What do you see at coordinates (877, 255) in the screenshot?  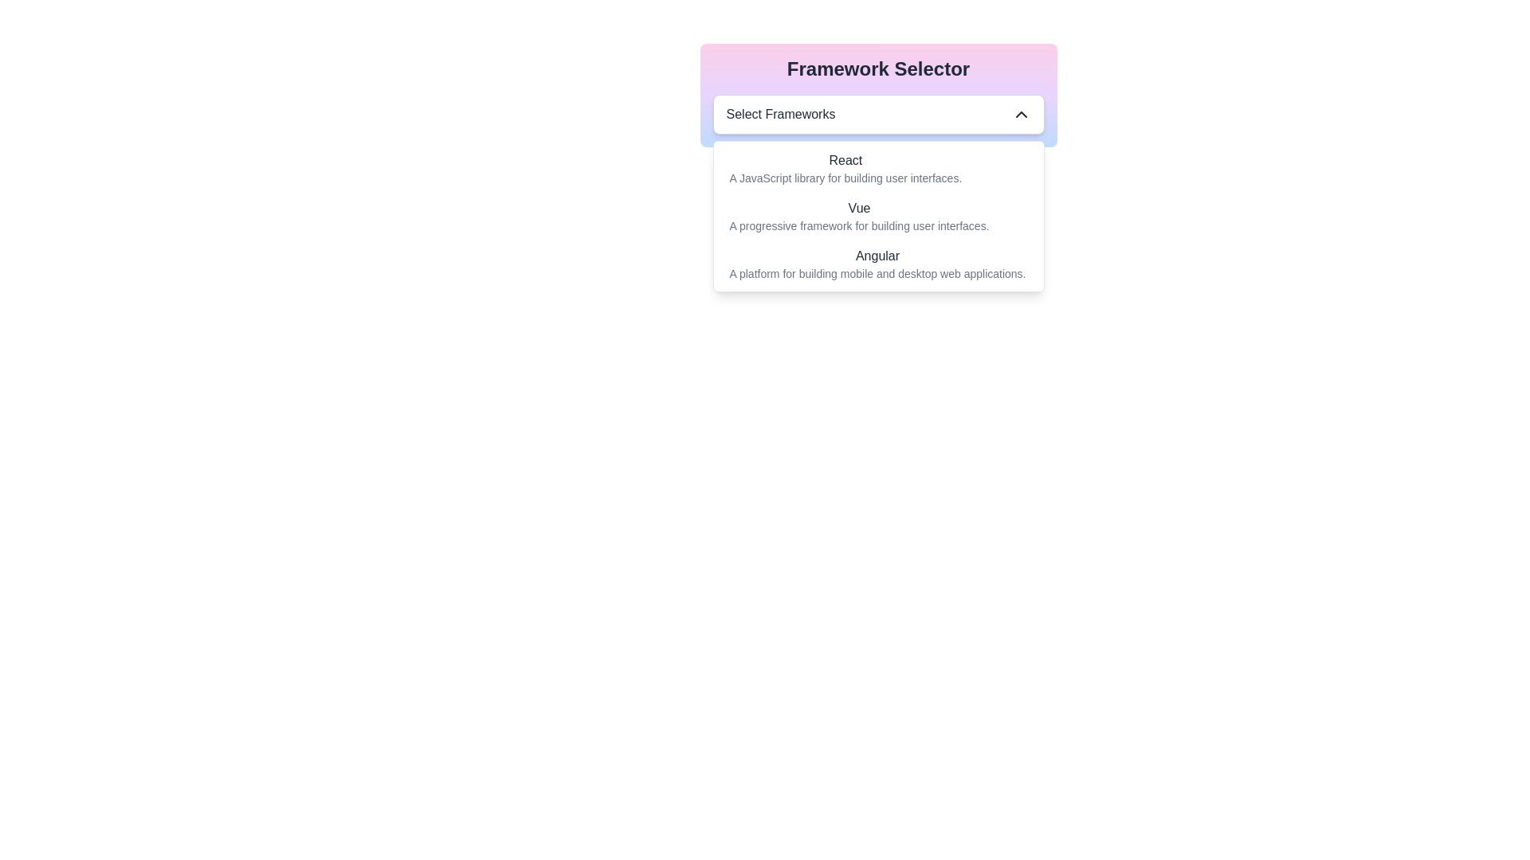 I see `the 'Angular' framework option in the dropdown menu, which is identified by its title text label positioned between 'React' and 'Vue'` at bounding box center [877, 255].